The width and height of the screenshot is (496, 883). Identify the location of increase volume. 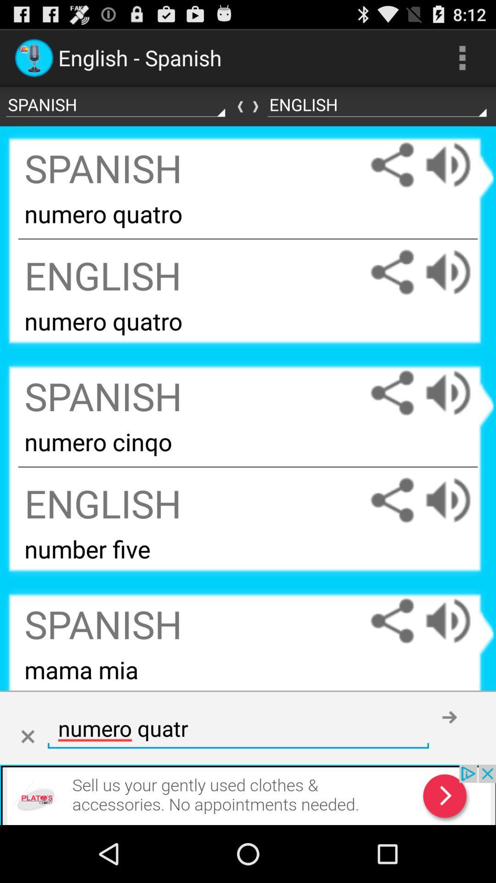
(457, 499).